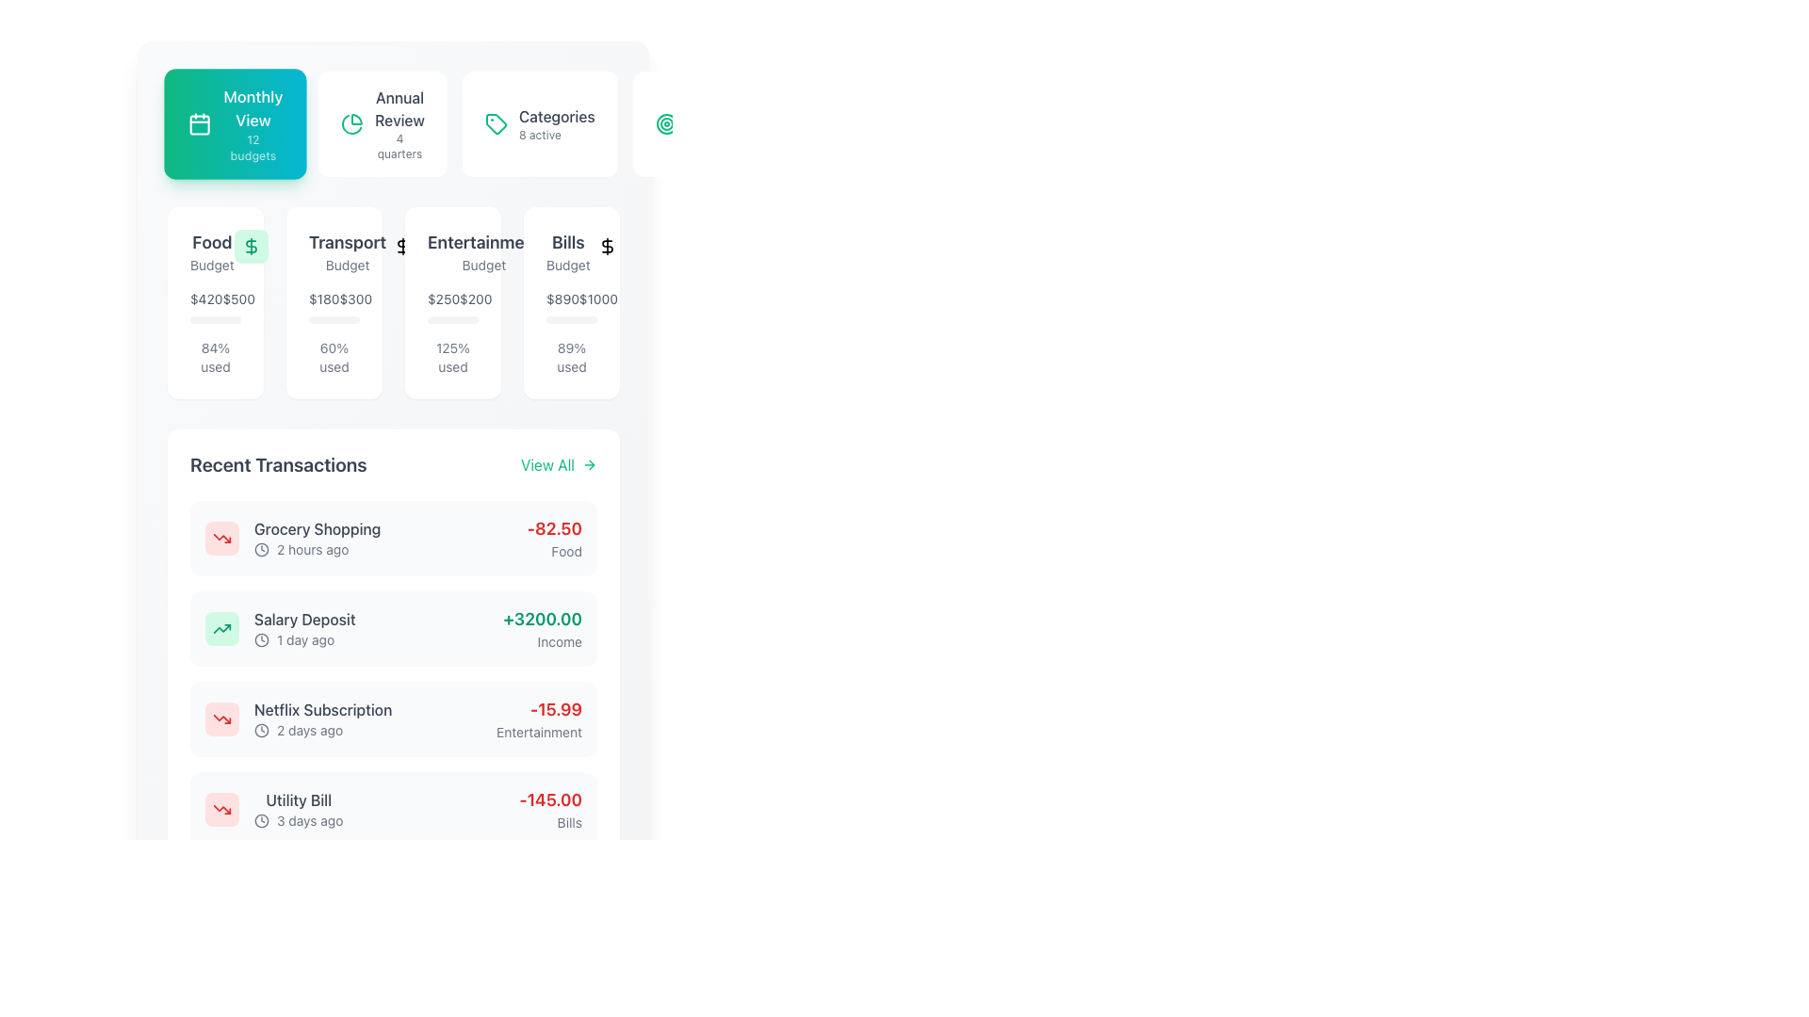 This screenshot has width=1809, height=1017. Describe the element at coordinates (318, 538) in the screenshot. I see `transaction record labeled 'Grocery Shopping' with the timestamp '2 hours ago' displayed in medium gray text, located at the center of the element in the 'Recent Transactions' section` at that location.